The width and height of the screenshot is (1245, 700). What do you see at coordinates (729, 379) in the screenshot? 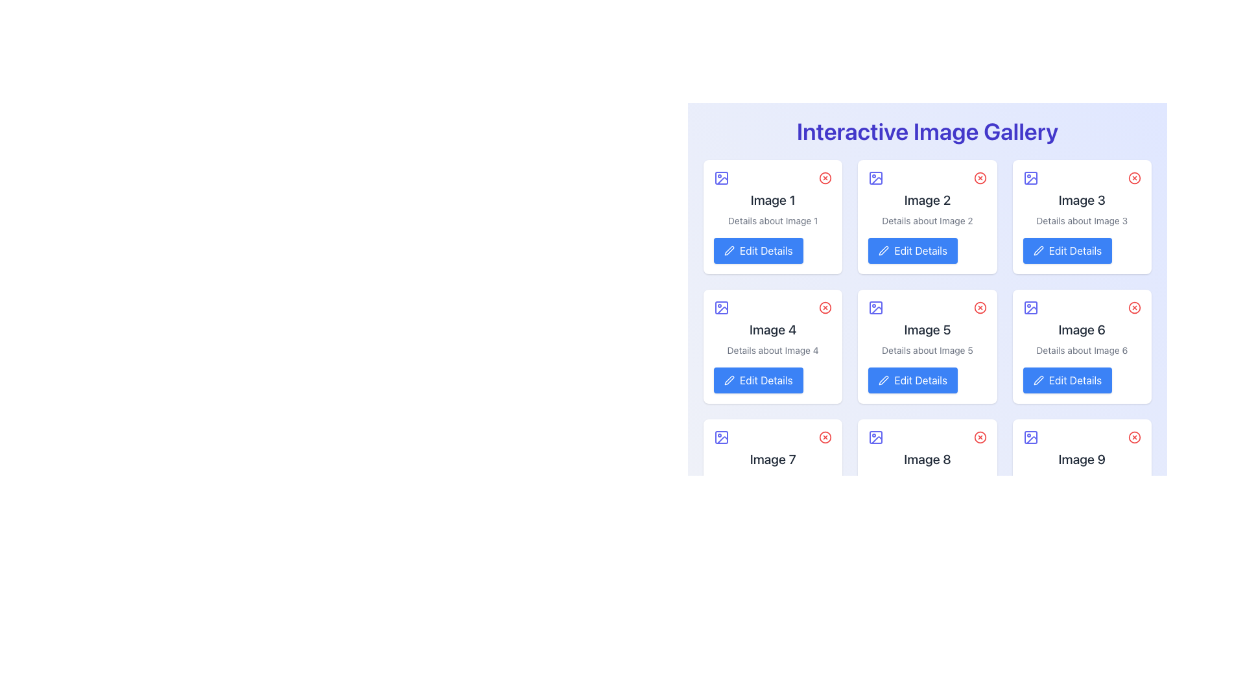
I see `the pen-shaped icon located inside the blue 'Edit Details' button for 'Image 4' in the second row, first column of the grid layout` at bounding box center [729, 379].